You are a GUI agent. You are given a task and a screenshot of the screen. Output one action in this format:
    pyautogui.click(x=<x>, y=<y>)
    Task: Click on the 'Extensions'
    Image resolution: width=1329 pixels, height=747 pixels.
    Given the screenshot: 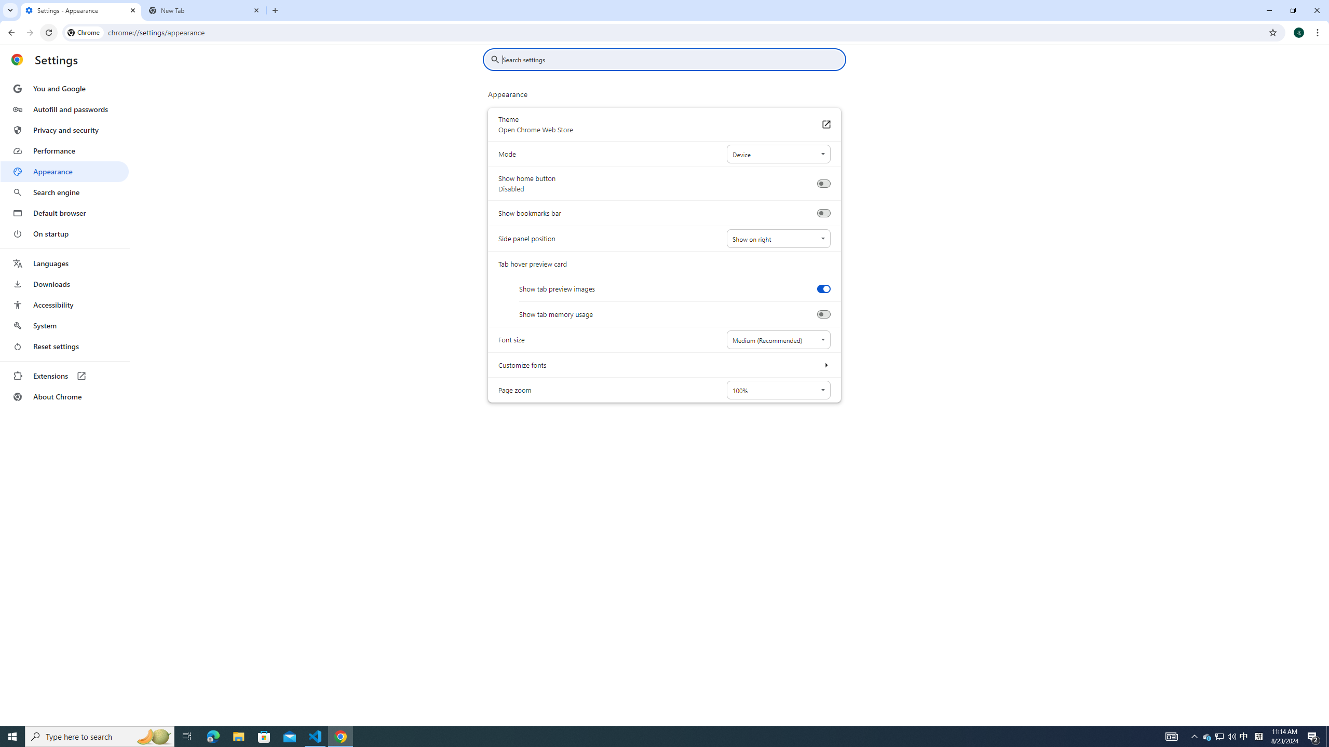 What is the action you would take?
    pyautogui.click(x=64, y=376)
    